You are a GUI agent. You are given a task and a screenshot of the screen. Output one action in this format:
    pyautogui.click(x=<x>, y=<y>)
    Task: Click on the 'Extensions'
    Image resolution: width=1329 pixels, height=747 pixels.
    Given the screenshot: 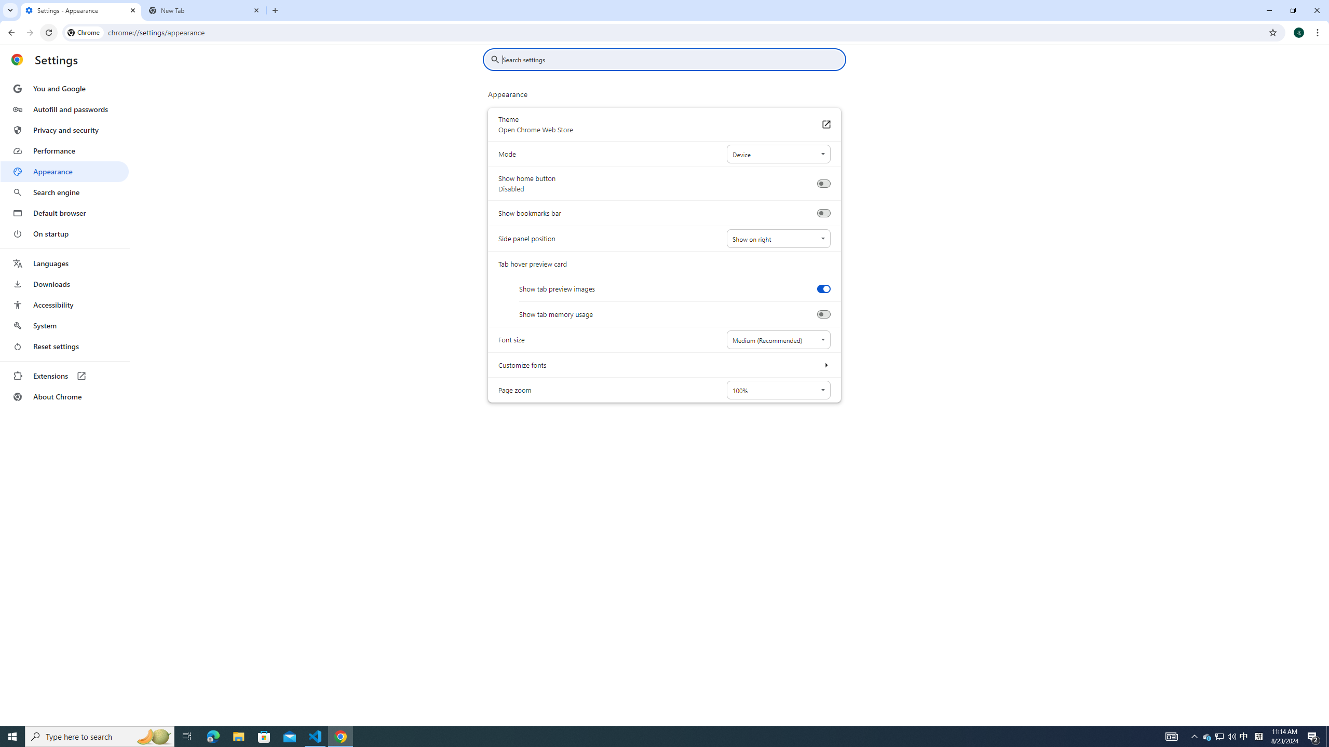 What is the action you would take?
    pyautogui.click(x=64, y=376)
    